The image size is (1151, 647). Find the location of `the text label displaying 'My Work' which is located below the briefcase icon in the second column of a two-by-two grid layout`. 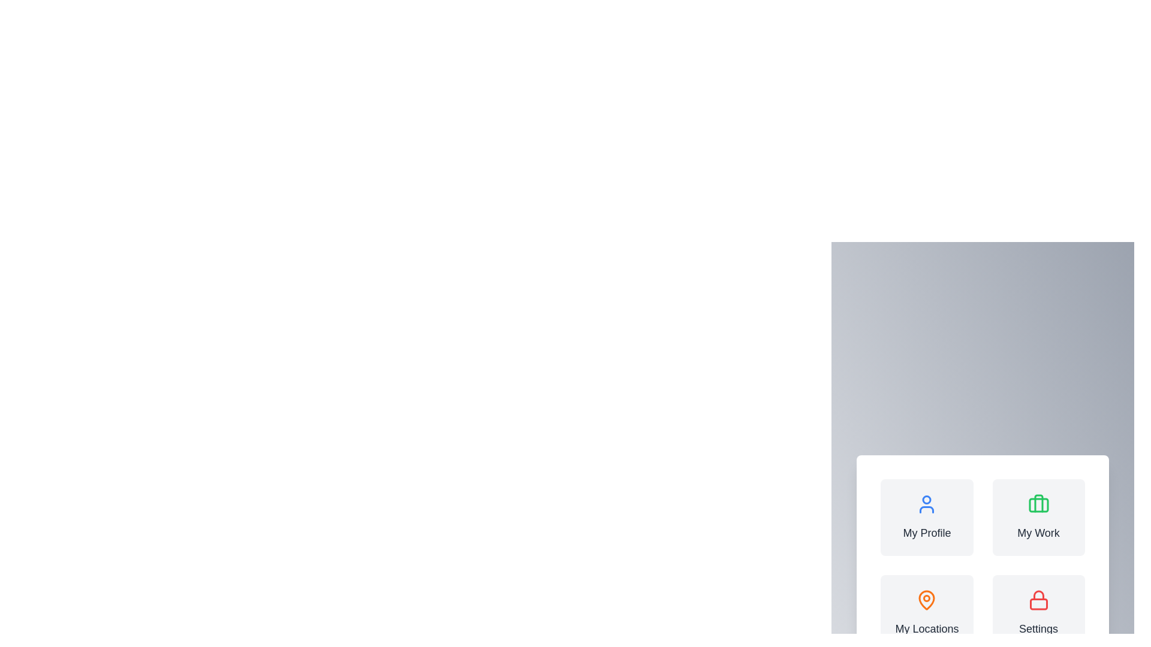

the text label displaying 'My Work' which is located below the briefcase icon in the second column of a two-by-two grid layout is located at coordinates (1038, 533).